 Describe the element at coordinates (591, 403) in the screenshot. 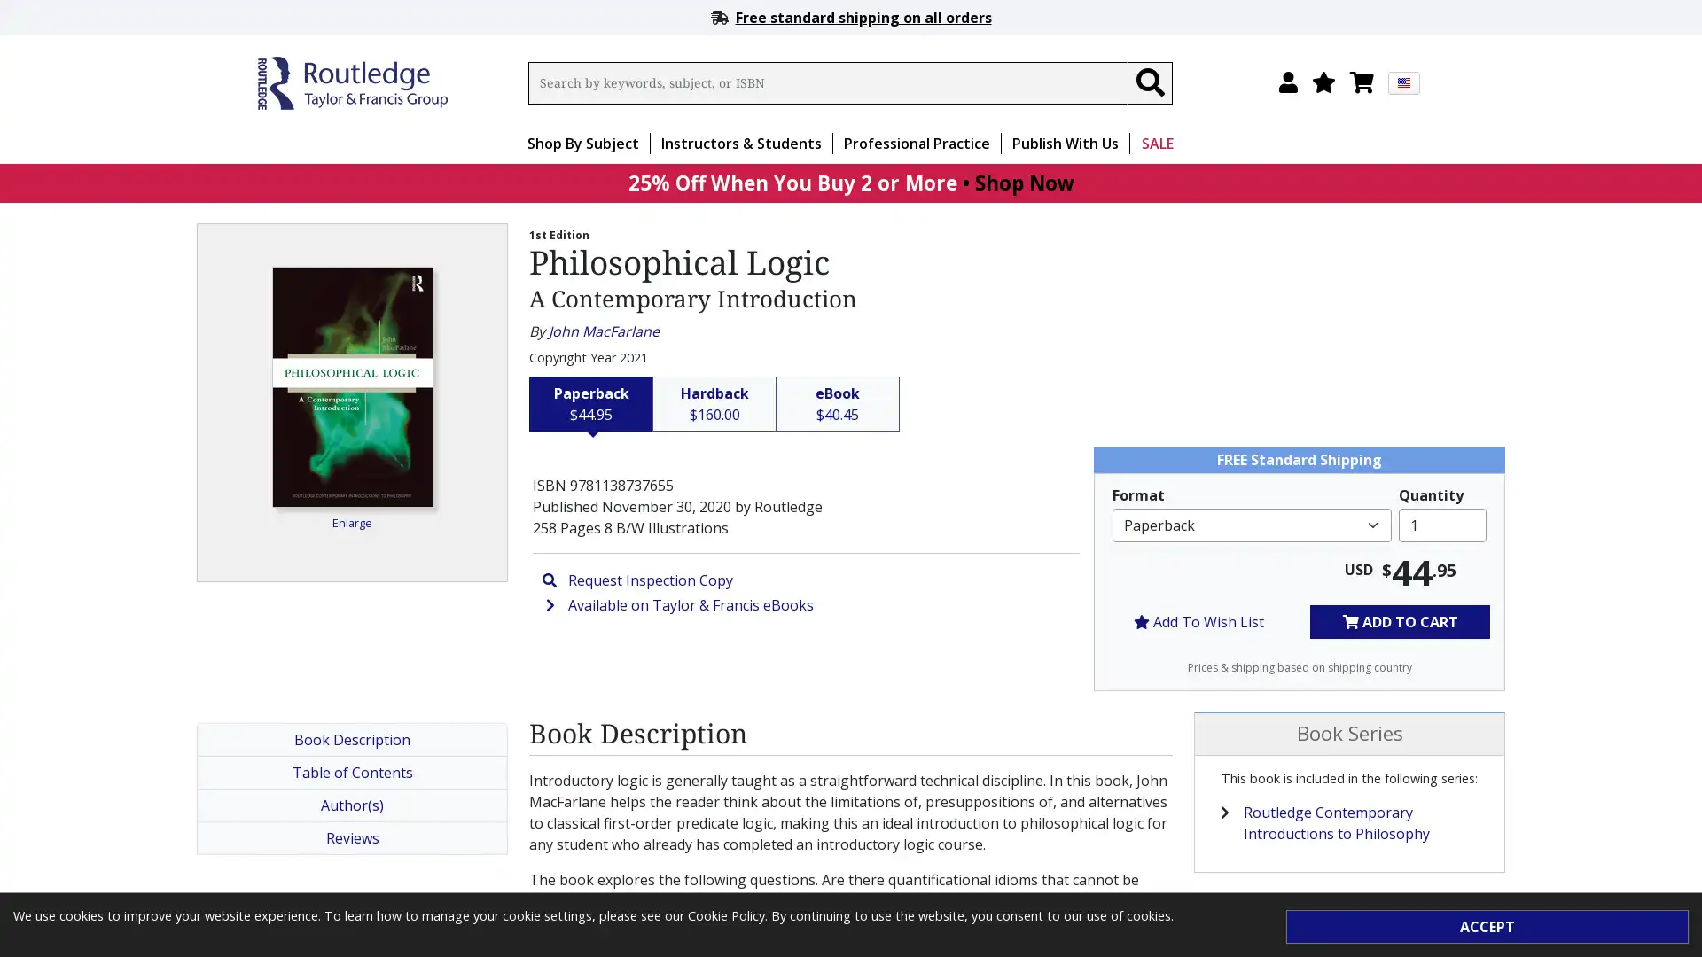

I see `Paperback $44.95` at that location.